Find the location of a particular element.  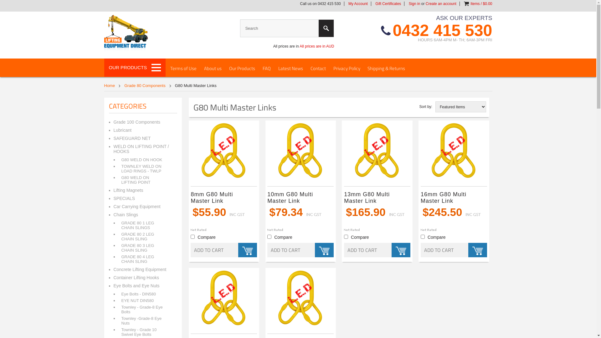

'Sign in' is located at coordinates (414, 3).